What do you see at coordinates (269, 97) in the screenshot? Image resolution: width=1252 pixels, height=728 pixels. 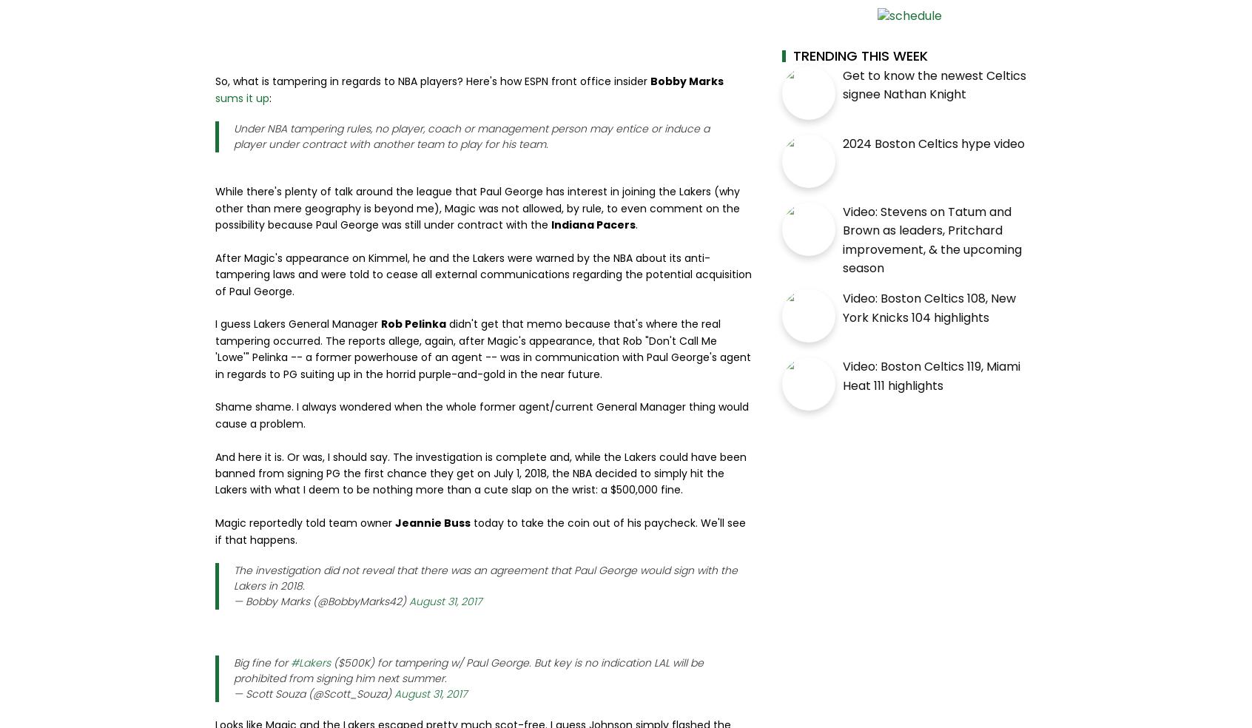 I see `':'` at bounding box center [269, 97].